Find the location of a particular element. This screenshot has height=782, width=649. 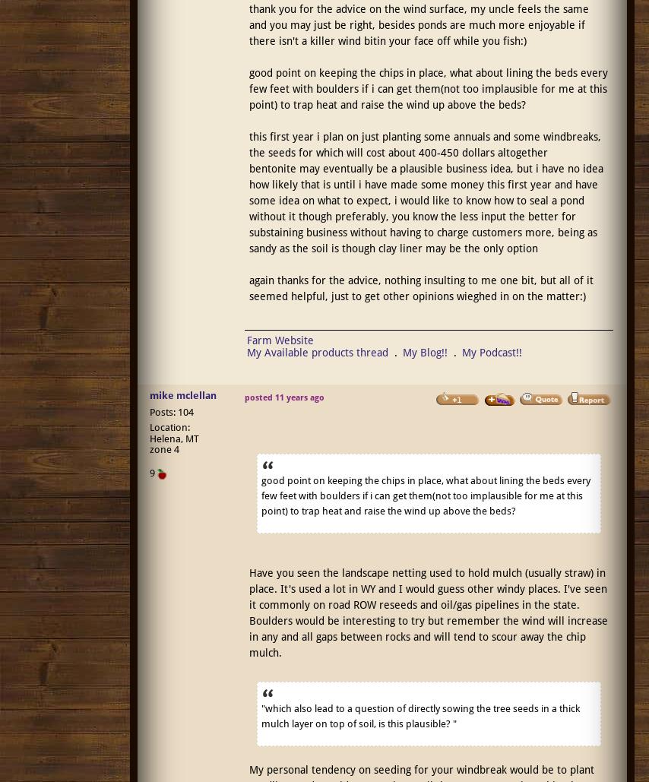

'9' is located at coordinates (150, 473).